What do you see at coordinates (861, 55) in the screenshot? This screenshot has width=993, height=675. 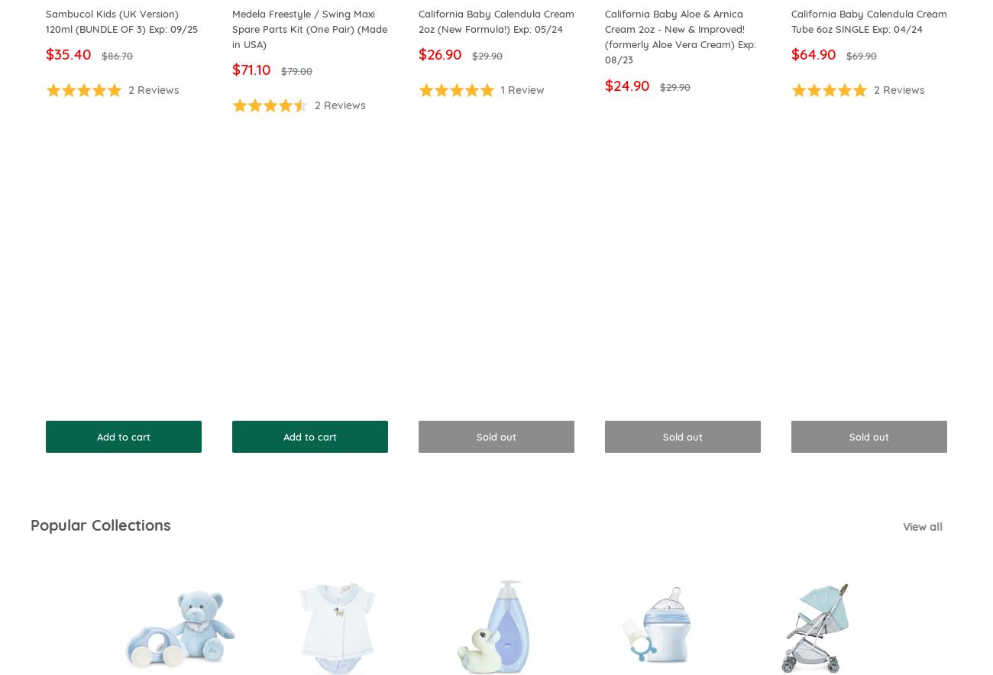 I see `'$69.90'` at bounding box center [861, 55].